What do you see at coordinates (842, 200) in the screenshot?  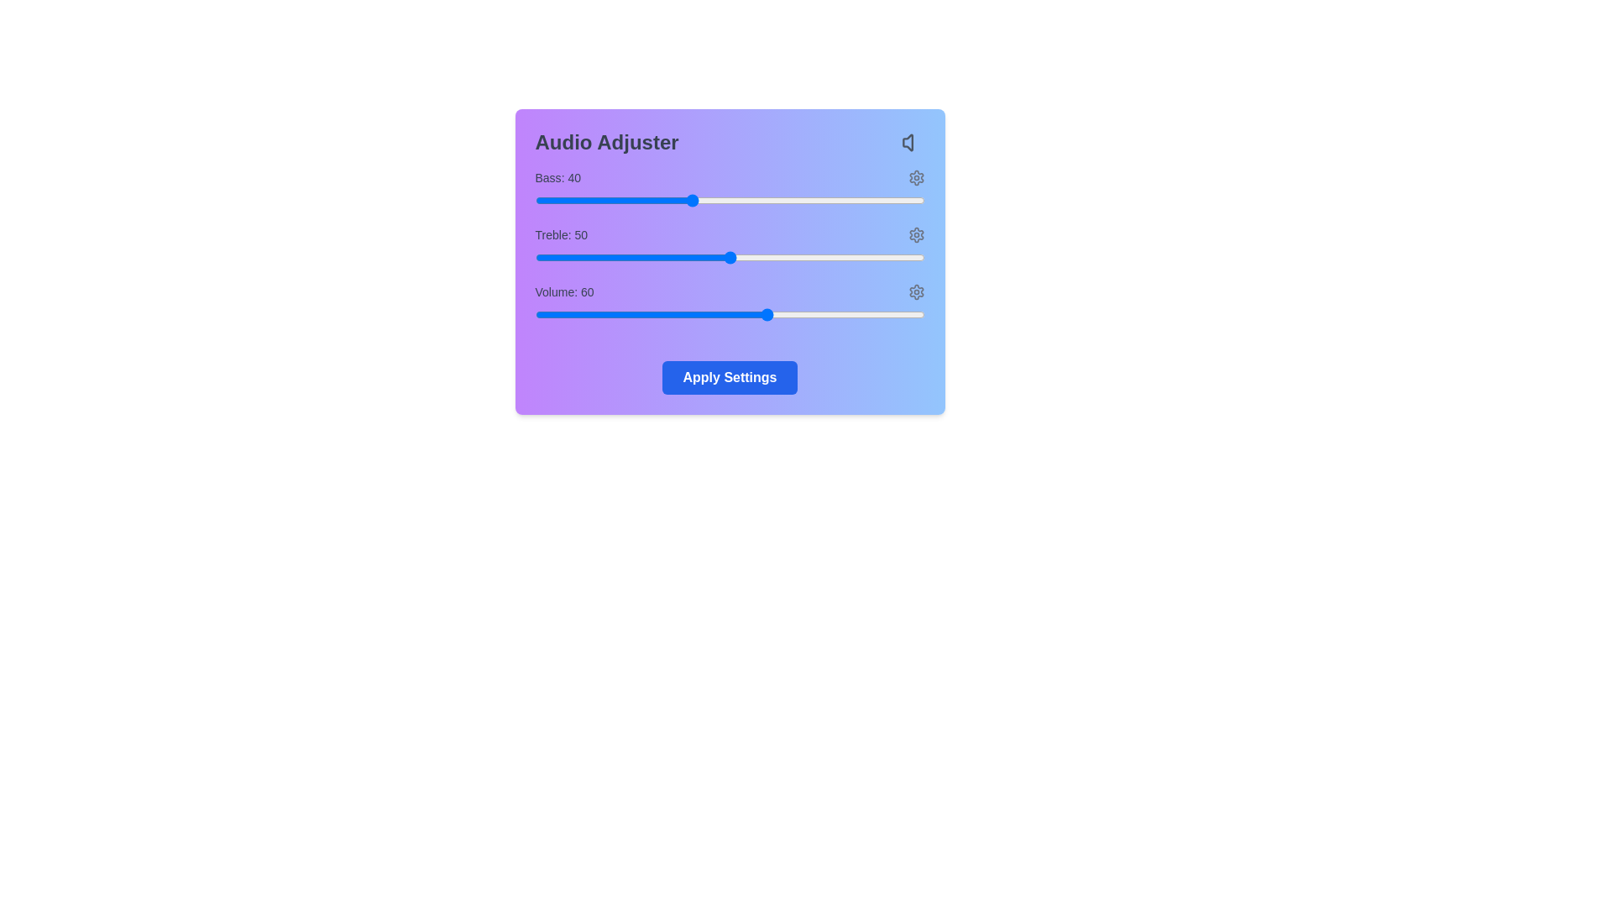 I see `the bass level` at bounding box center [842, 200].